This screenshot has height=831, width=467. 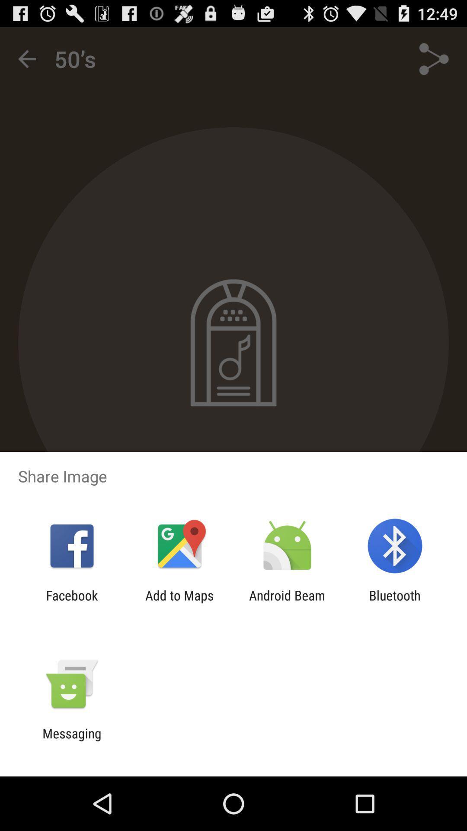 I want to click on bluetooth app, so click(x=395, y=602).